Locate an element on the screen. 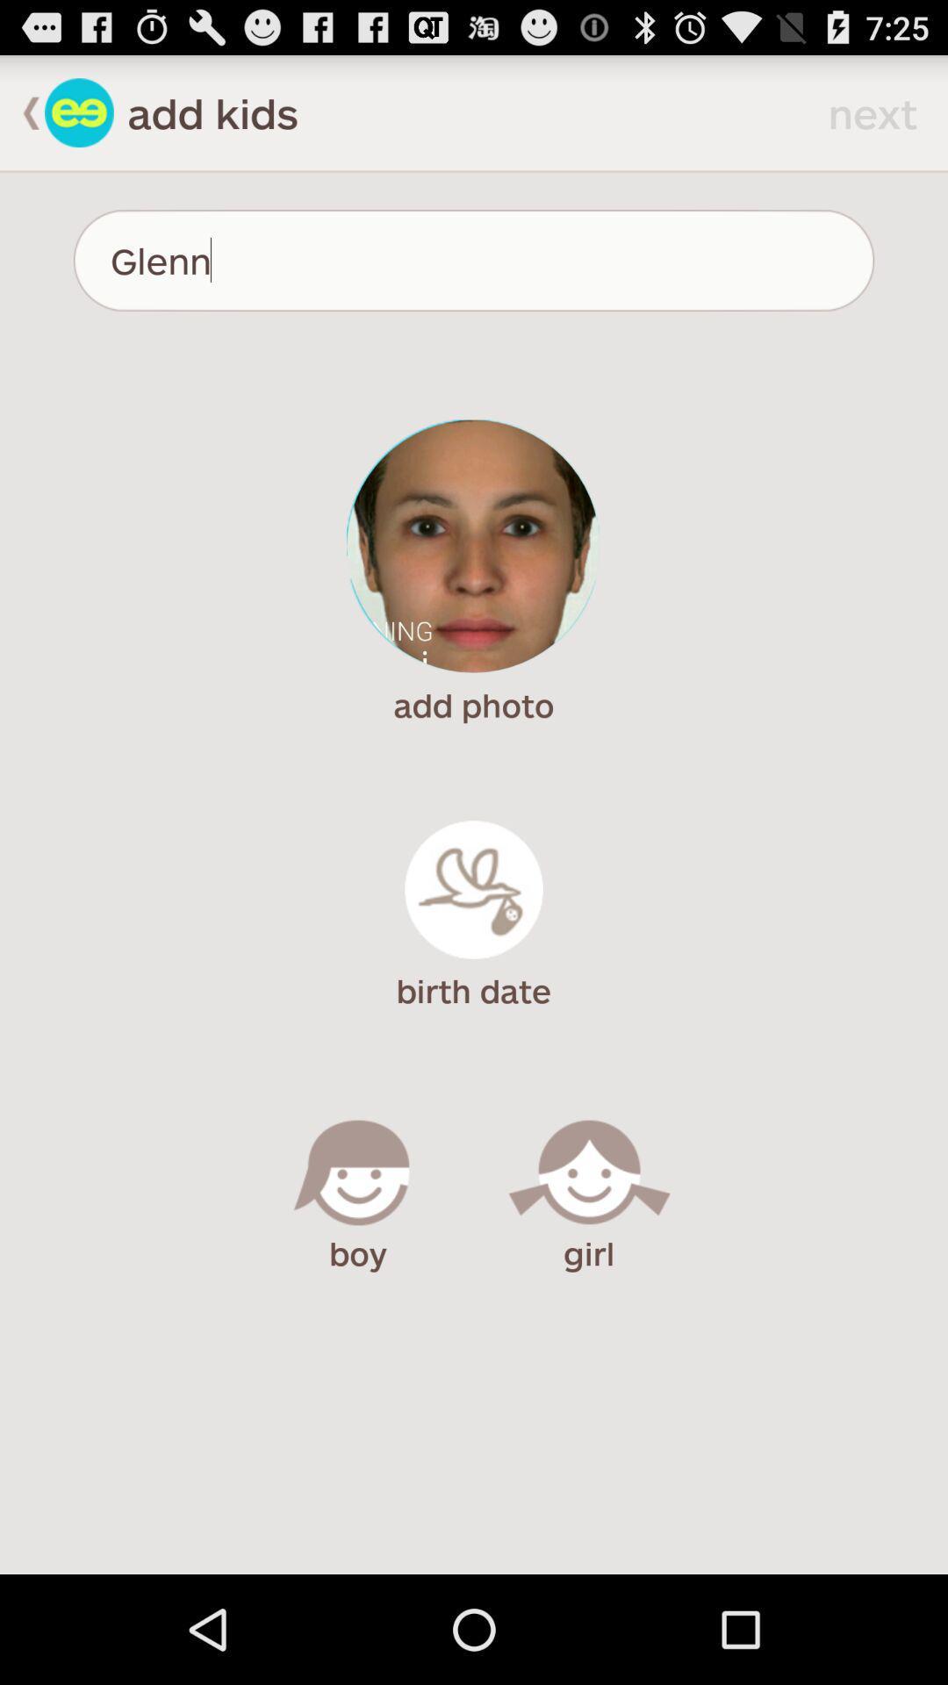 The height and width of the screenshot is (1685, 948). the emoji icon is located at coordinates (79, 119).